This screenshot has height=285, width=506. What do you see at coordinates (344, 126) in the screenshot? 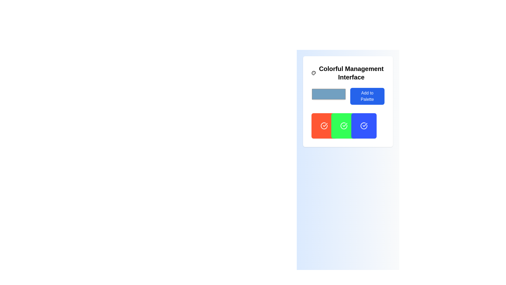
I see `the SVG Icon representing a confirmation or success action within the green square button, located in the middle of a row of buttons at the bottom section of the interface` at bounding box center [344, 126].